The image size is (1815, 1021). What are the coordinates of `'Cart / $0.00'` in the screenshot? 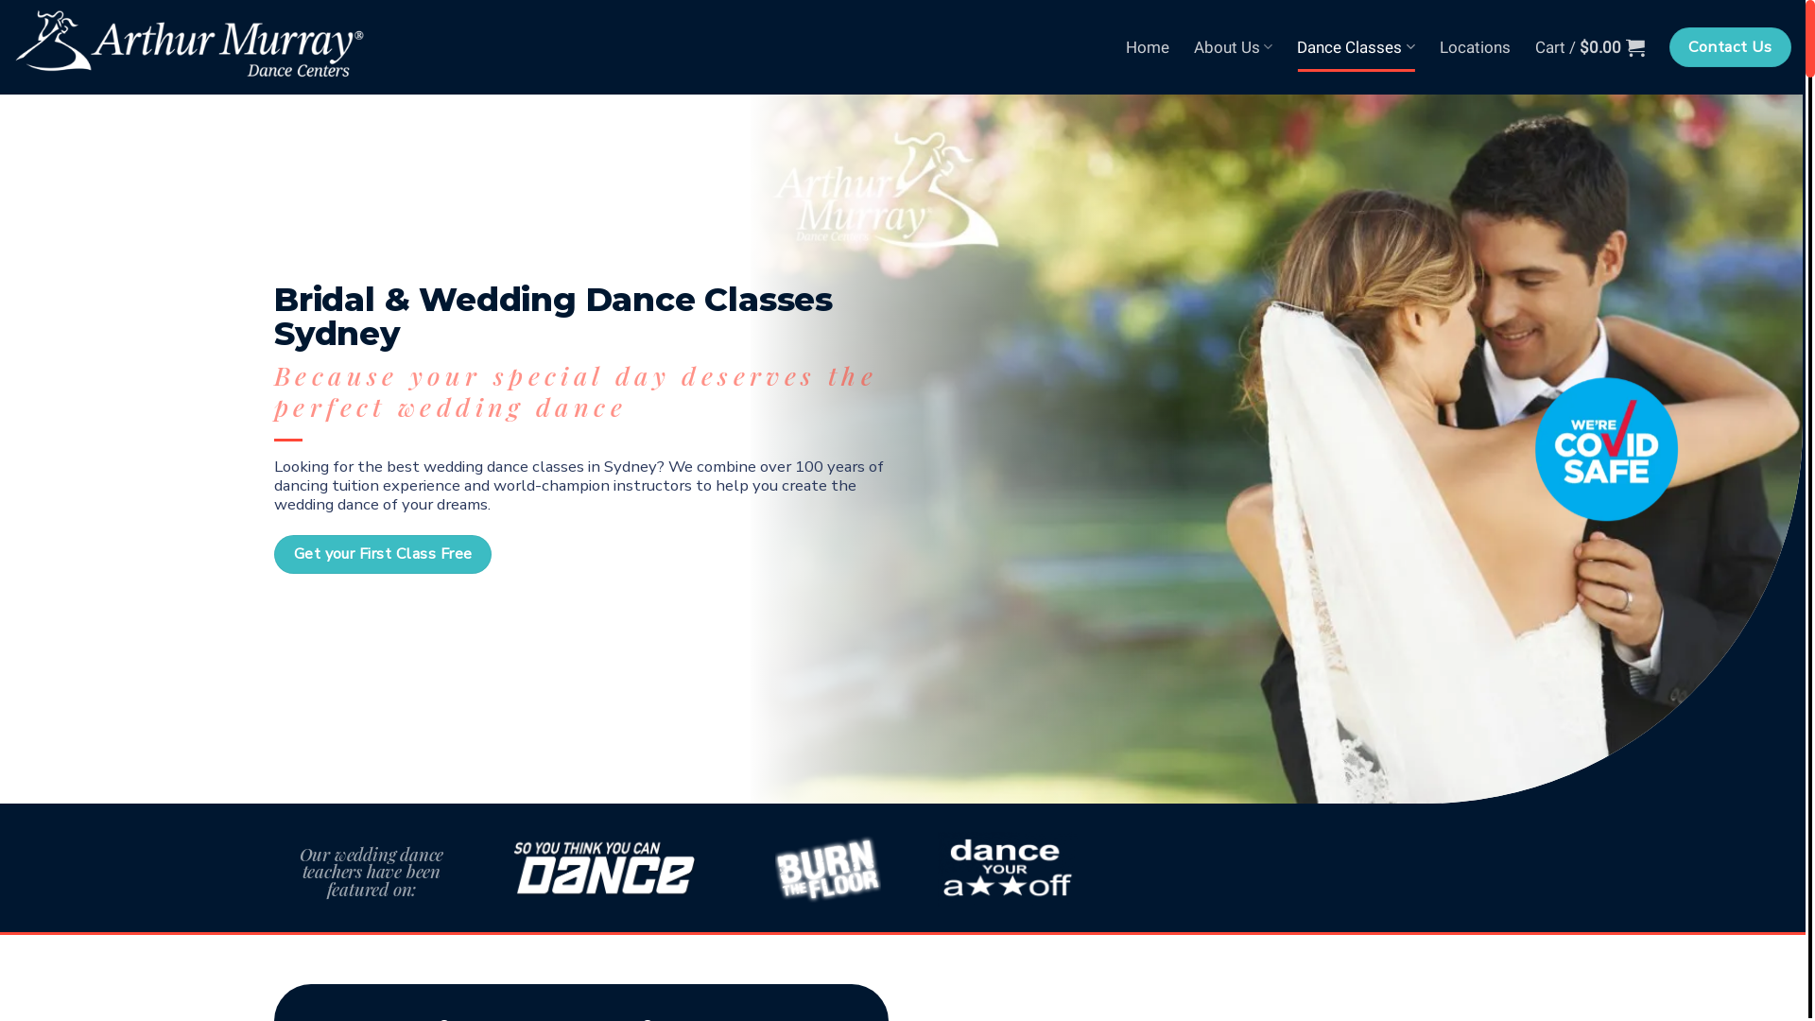 It's located at (1588, 45).